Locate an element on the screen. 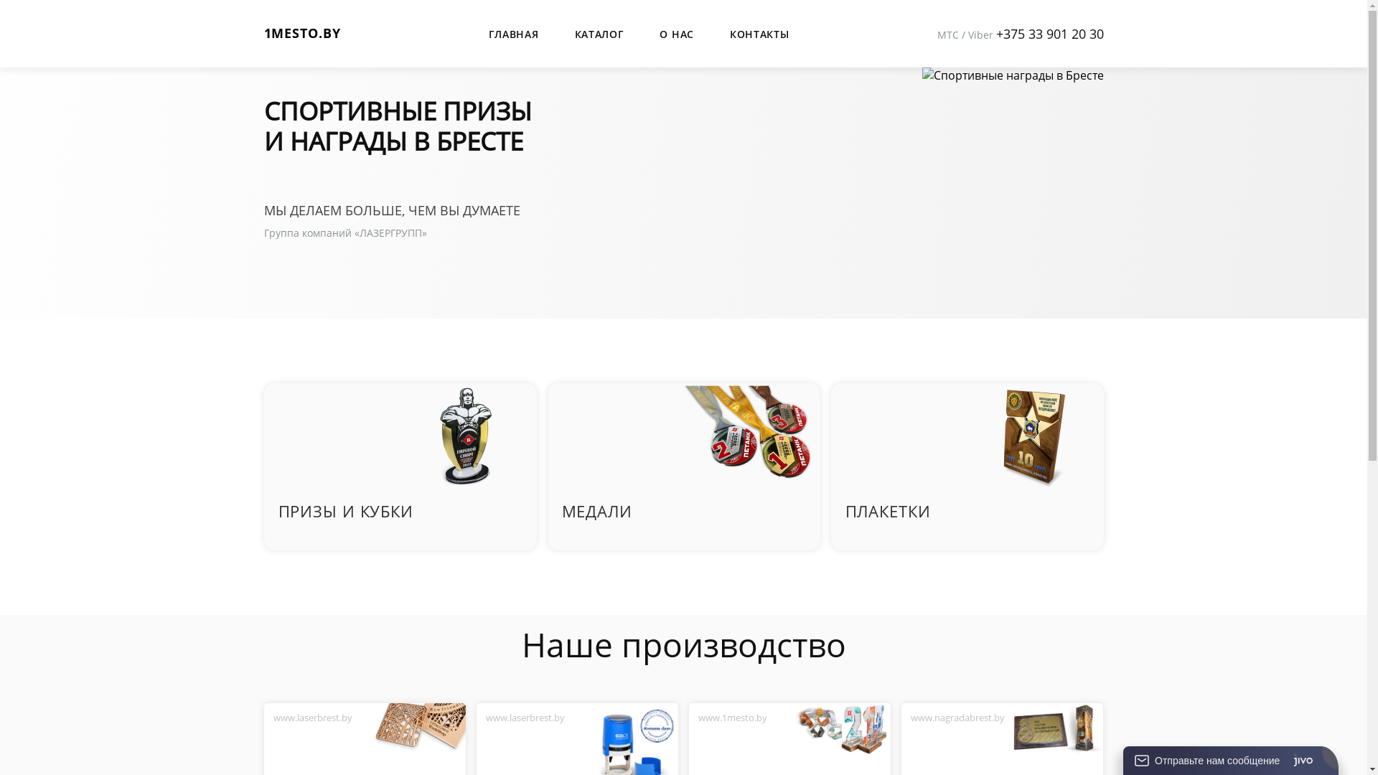 The height and width of the screenshot is (775, 1378). '1MESTO.BY' is located at coordinates (301, 32).